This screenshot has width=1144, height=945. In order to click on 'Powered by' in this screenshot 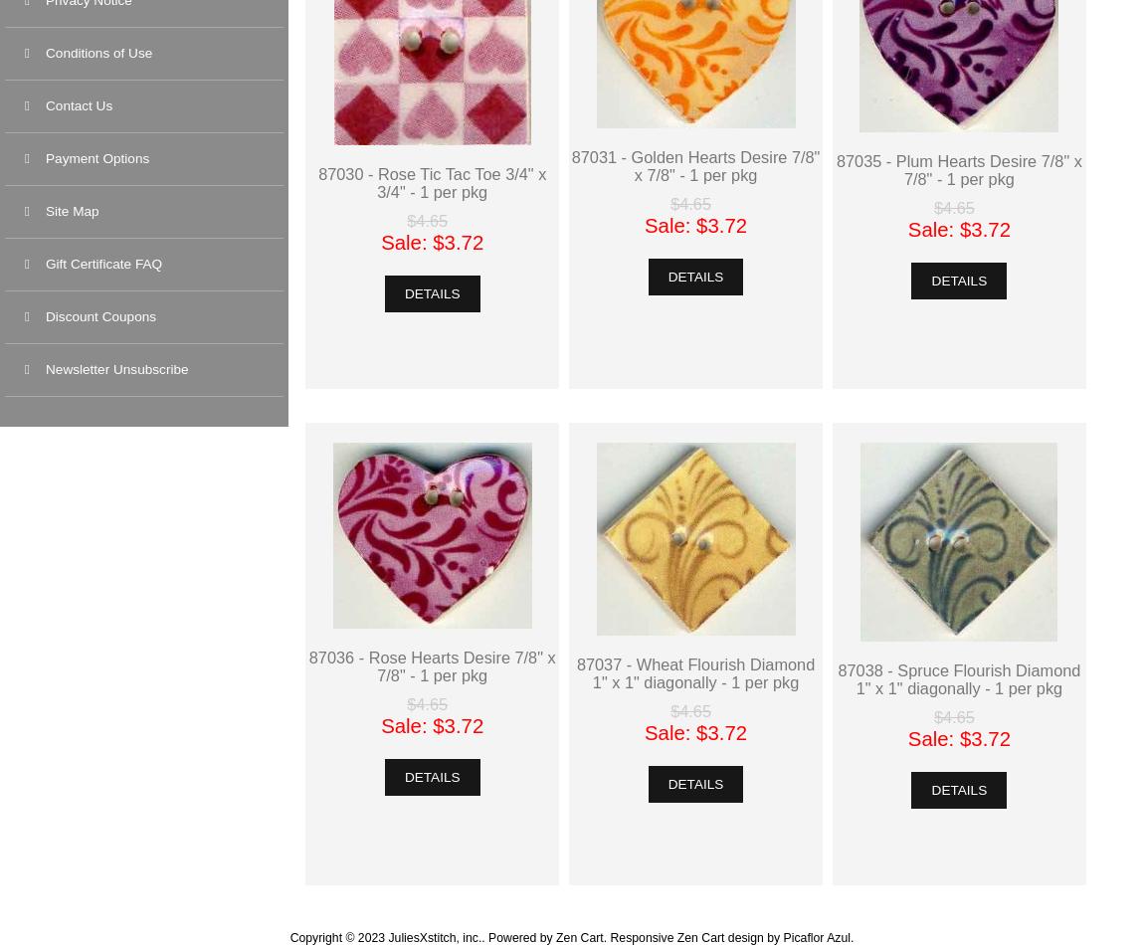, I will do `click(484, 936)`.